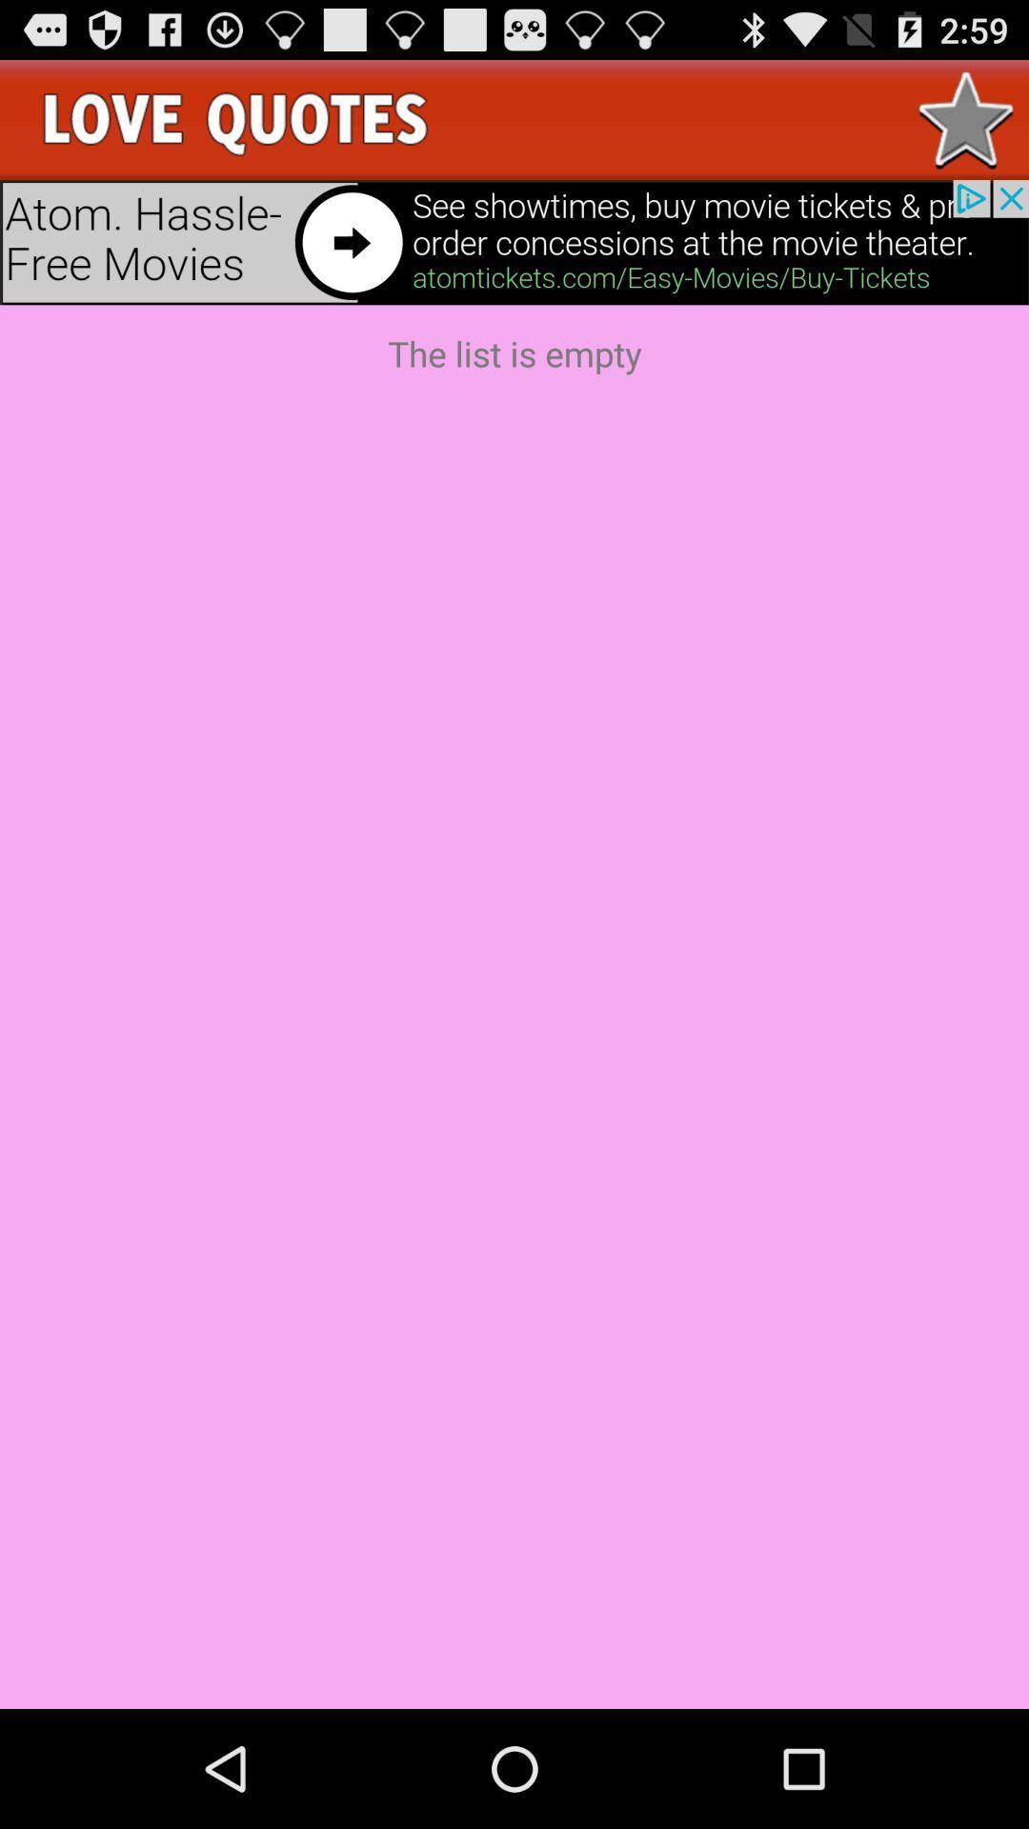 The image size is (1029, 1829). Describe the element at coordinates (514, 241) in the screenshot. I see `advertisement` at that location.